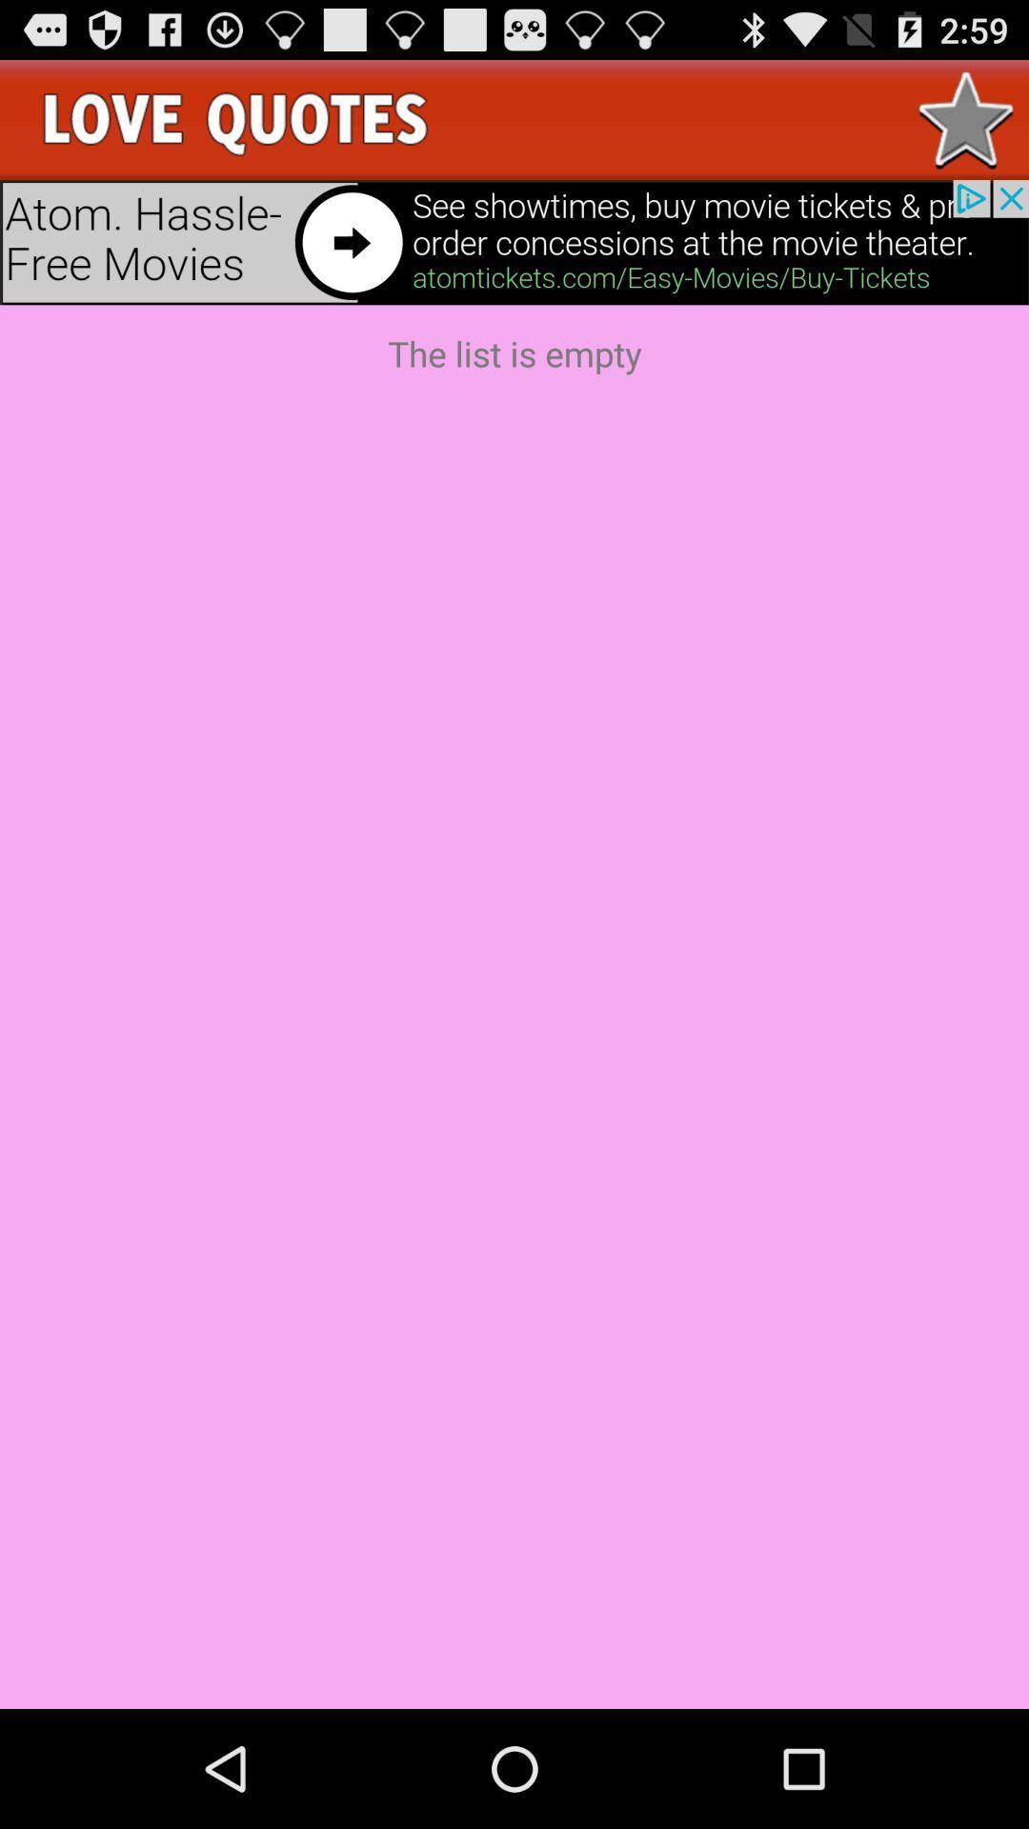 The image size is (1029, 1829). Describe the element at coordinates (514, 241) in the screenshot. I see `advertisement` at that location.